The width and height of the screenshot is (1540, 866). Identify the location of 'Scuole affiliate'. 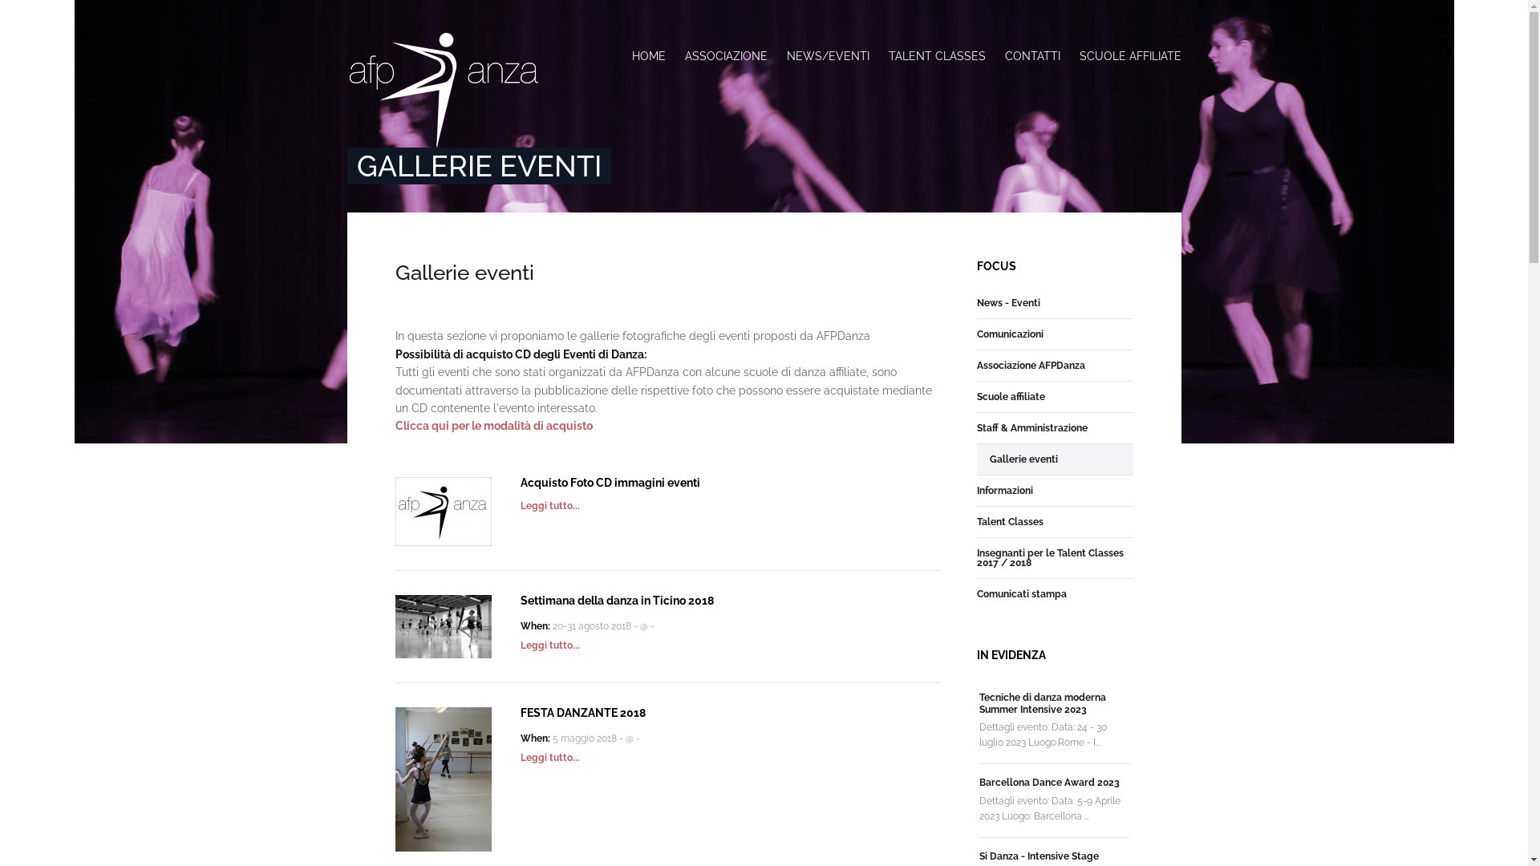
(976, 396).